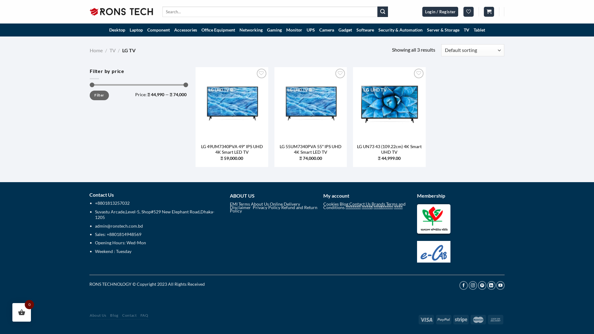  What do you see at coordinates (331, 204) in the screenshot?
I see `'Cookies'` at bounding box center [331, 204].